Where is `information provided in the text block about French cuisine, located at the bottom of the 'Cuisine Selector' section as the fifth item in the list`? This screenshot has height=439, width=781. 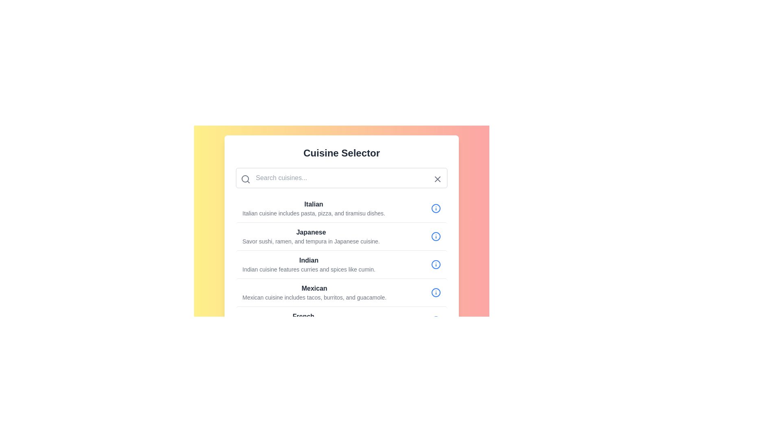
information provided in the text block about French cuisine, located at the bottom of the 'Cuisine Selector' section as the fifth item in the list is located at coordinates (303, 320).